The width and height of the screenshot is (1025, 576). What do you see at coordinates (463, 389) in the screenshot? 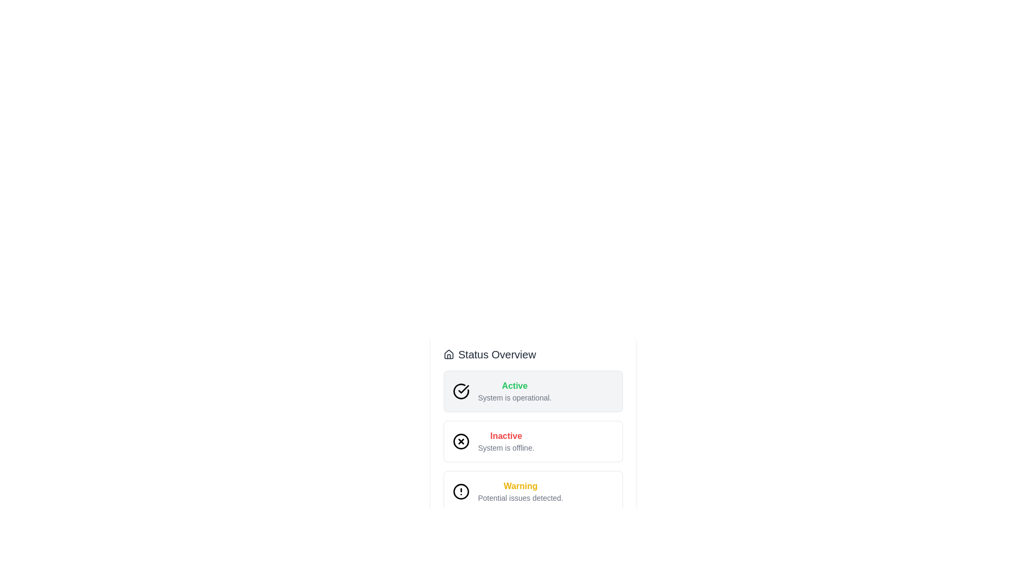
I see `the checkmark icon located next to the 'Active' label in the status card, which indicates a positive state` at bounding box center [463, 389].